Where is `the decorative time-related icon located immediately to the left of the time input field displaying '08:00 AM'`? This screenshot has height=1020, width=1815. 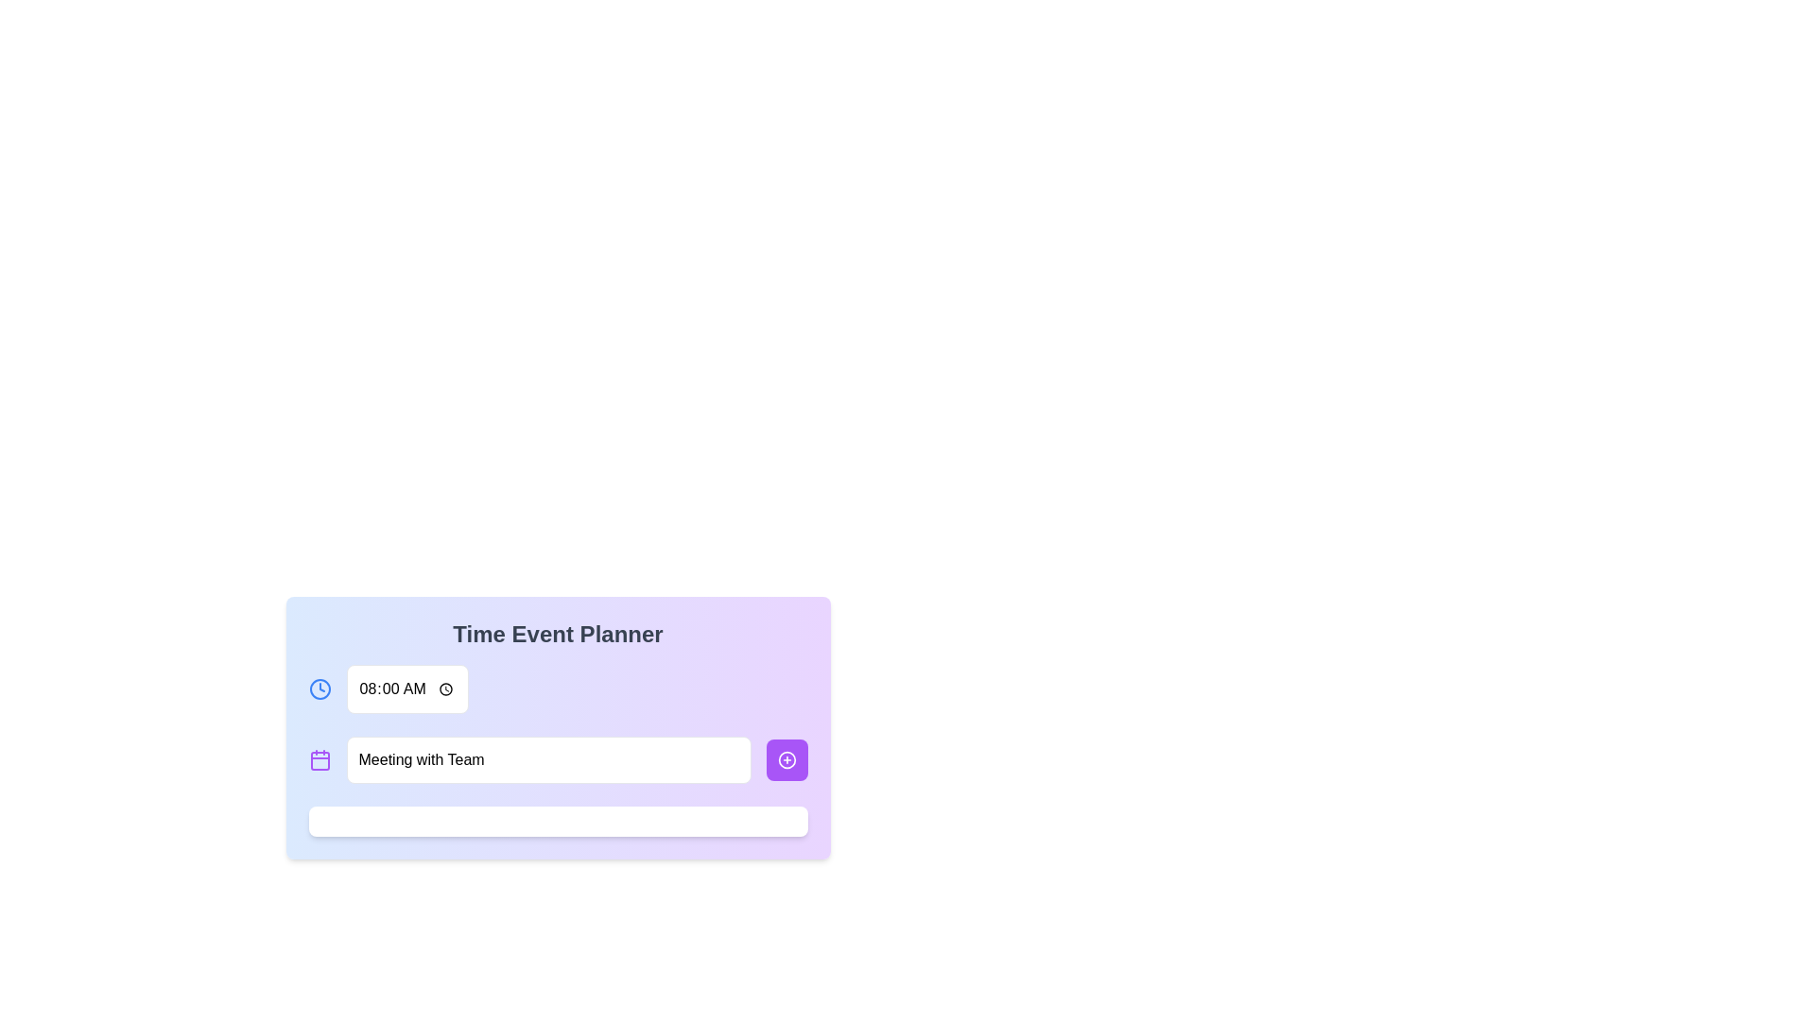
the decorative time-related icon located immediately to the left of the time input field displaying '08:00 AM' is located at coordinates (320, 688).